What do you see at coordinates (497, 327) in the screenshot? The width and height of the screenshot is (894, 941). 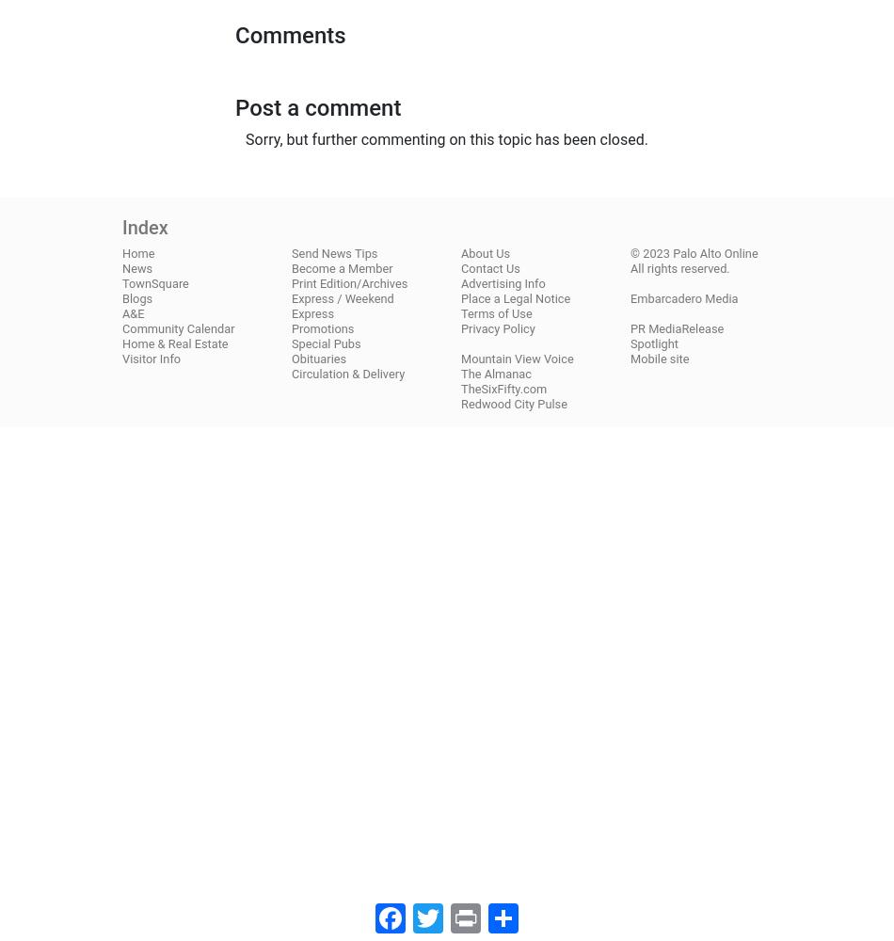 I see `'Privacy Policy'` at bounding box center [497, 327].